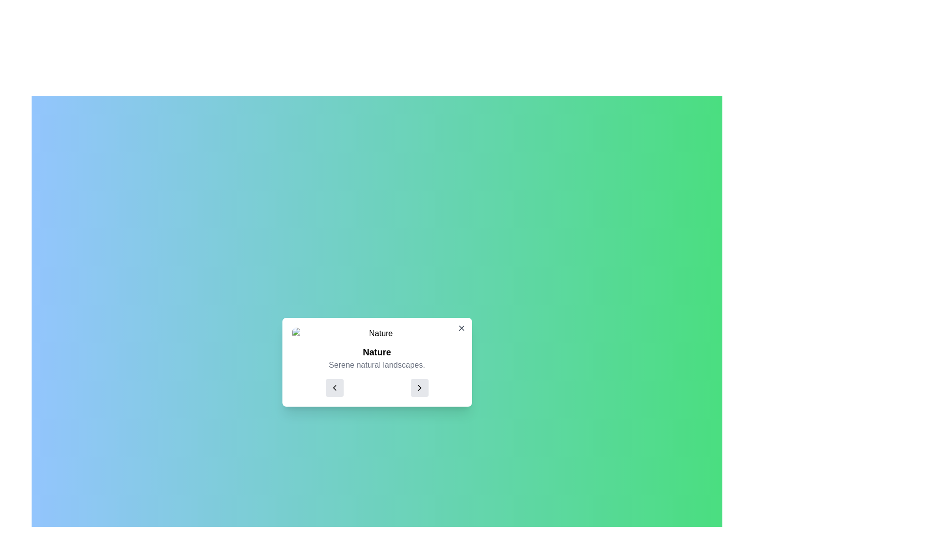 Image resolution: width=948 pixels, height=533 pixels. I want to click on the navigation icon located at the bottom-right corner of the modal dialog, so click(419, 387).